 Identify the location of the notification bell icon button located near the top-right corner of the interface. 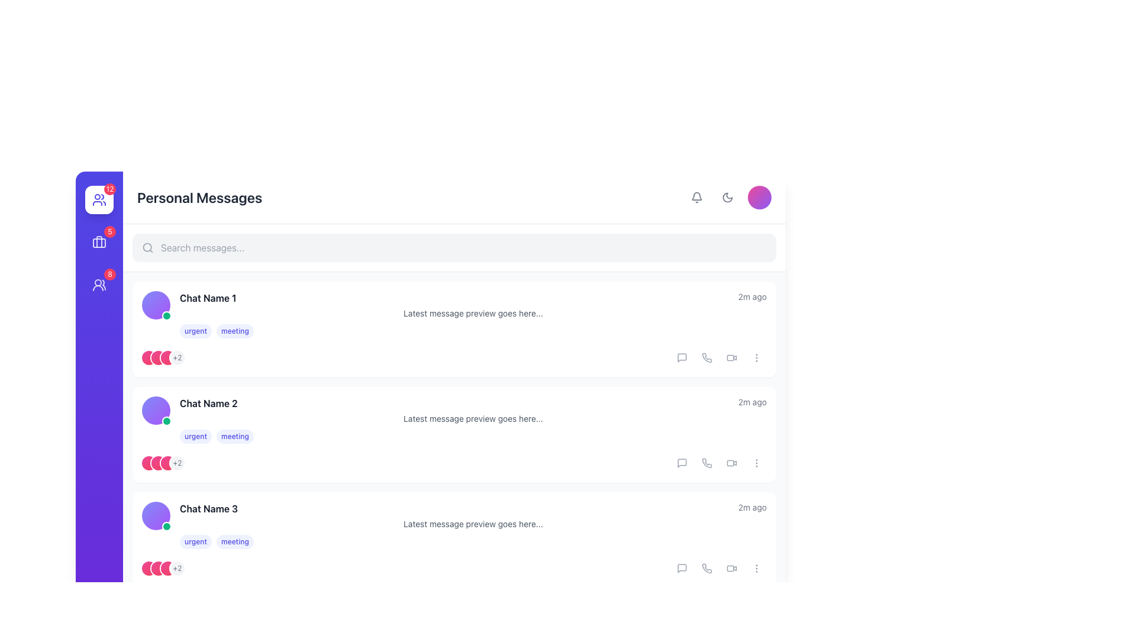
(696, 197).